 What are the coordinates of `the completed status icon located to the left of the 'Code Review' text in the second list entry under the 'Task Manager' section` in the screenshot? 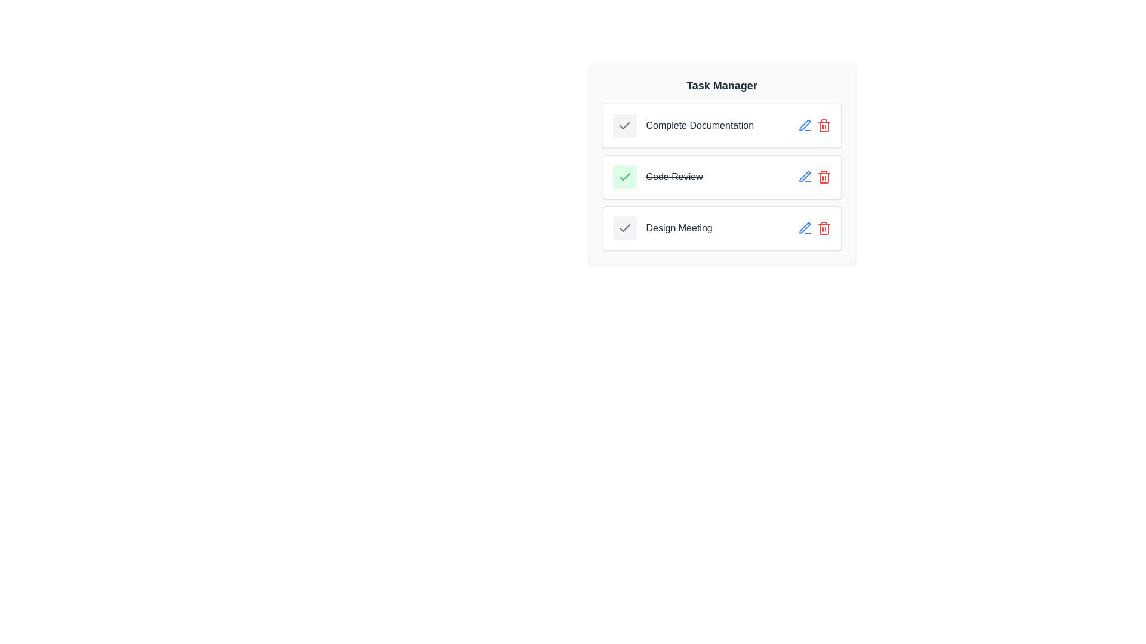 It's located at (624, 177).